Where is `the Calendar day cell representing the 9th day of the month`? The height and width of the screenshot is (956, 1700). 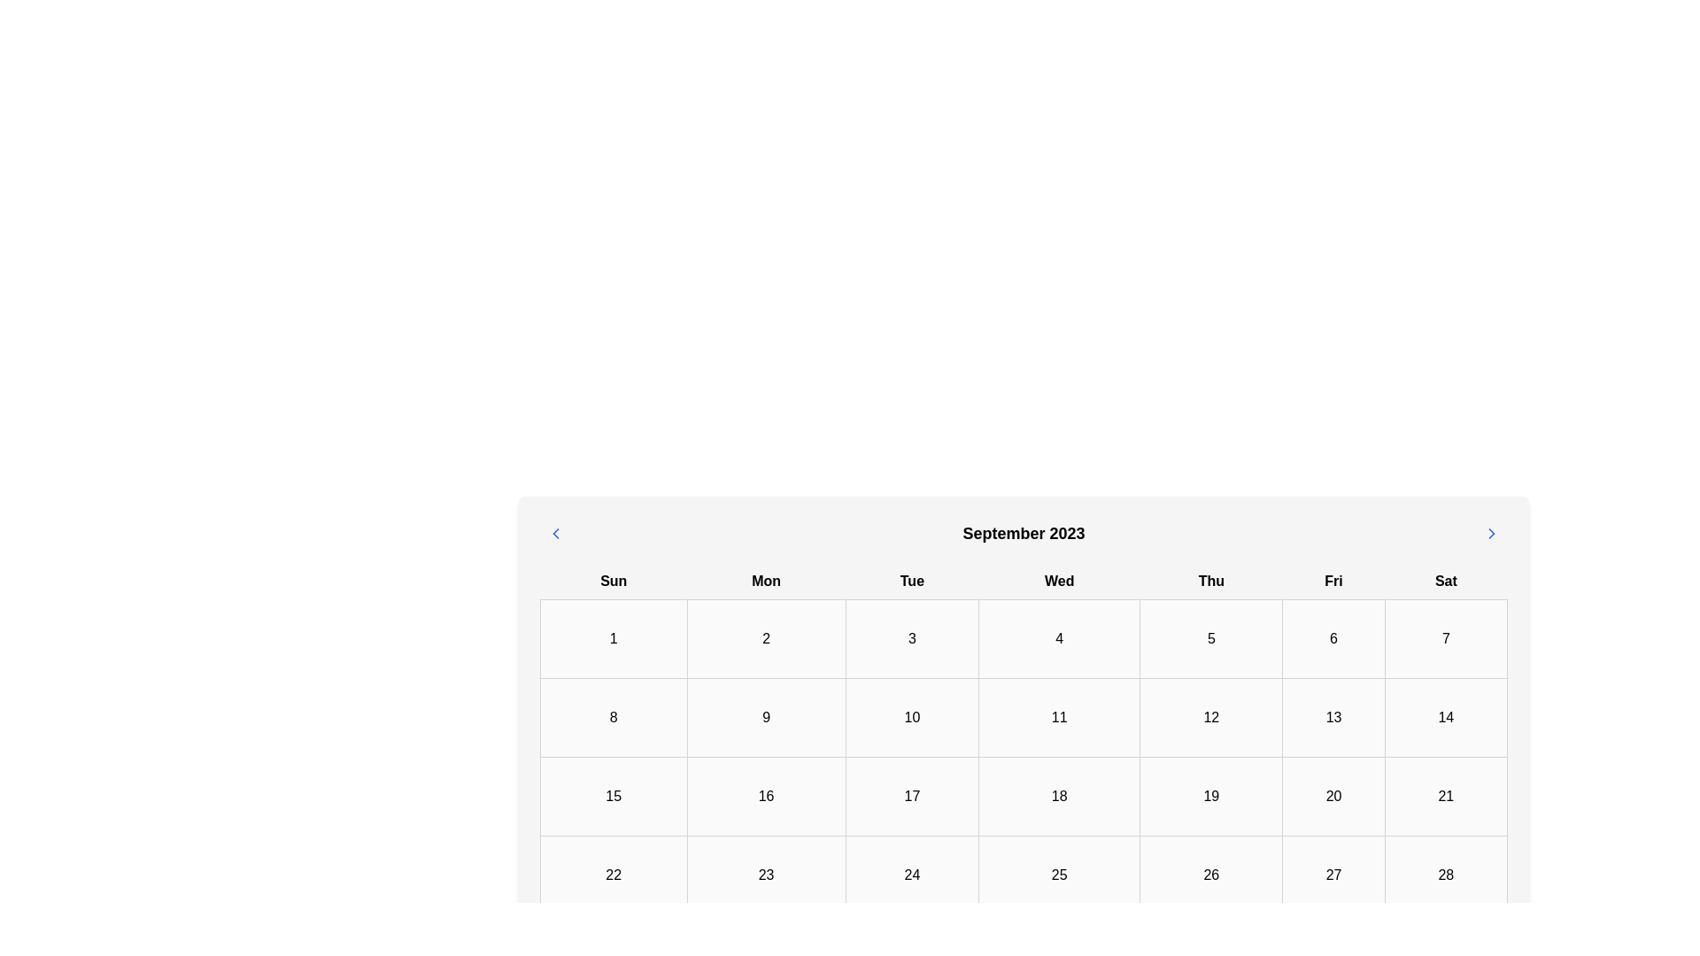
the Calendar day cell representing the 9th day of the month is located at coordinates (766, 717).